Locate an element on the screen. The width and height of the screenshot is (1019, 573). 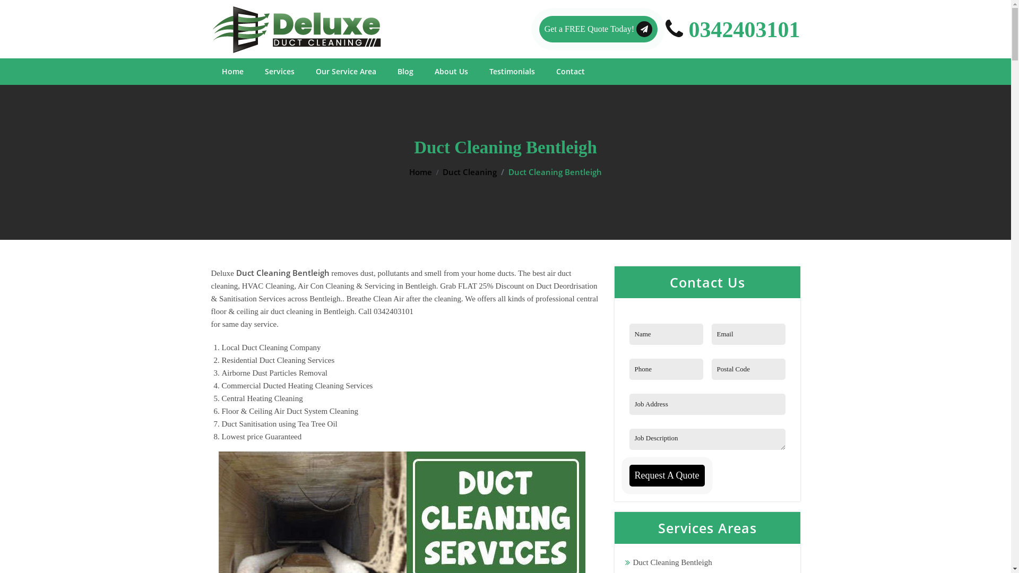
'Home' is located at coordinates (221, 72).